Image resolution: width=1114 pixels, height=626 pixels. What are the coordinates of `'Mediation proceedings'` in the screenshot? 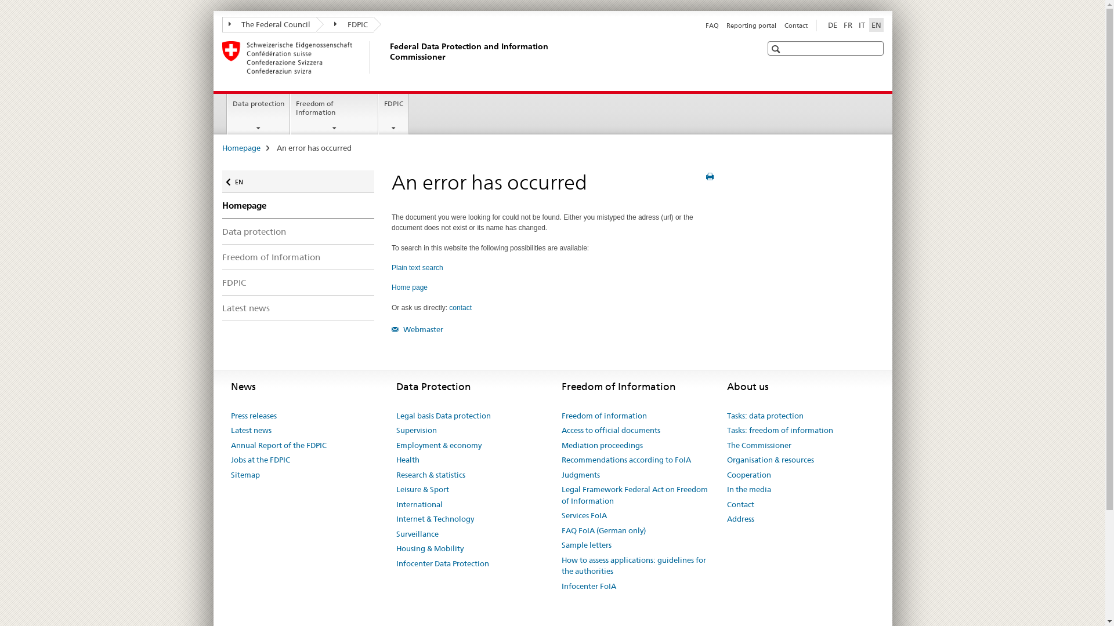 It's located at (602, 445).